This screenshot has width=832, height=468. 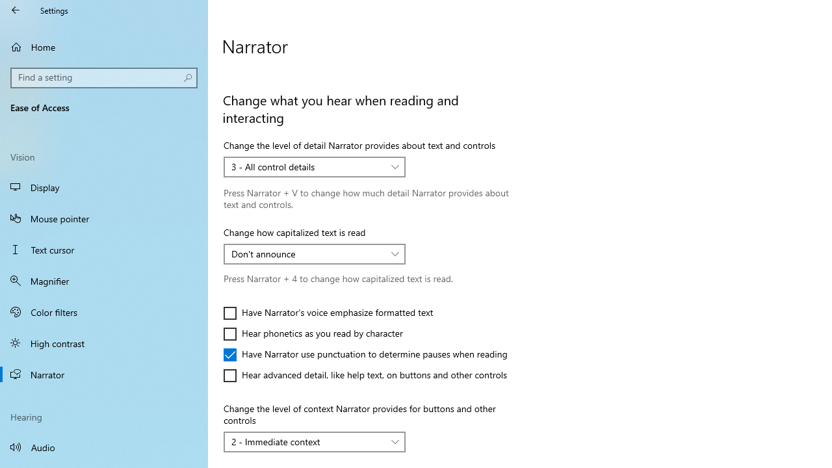 What do you see at coordinates (315, 253) in the screenshot?
I see `'Change how capitalized text is read'` at bounding box center [315, 253].